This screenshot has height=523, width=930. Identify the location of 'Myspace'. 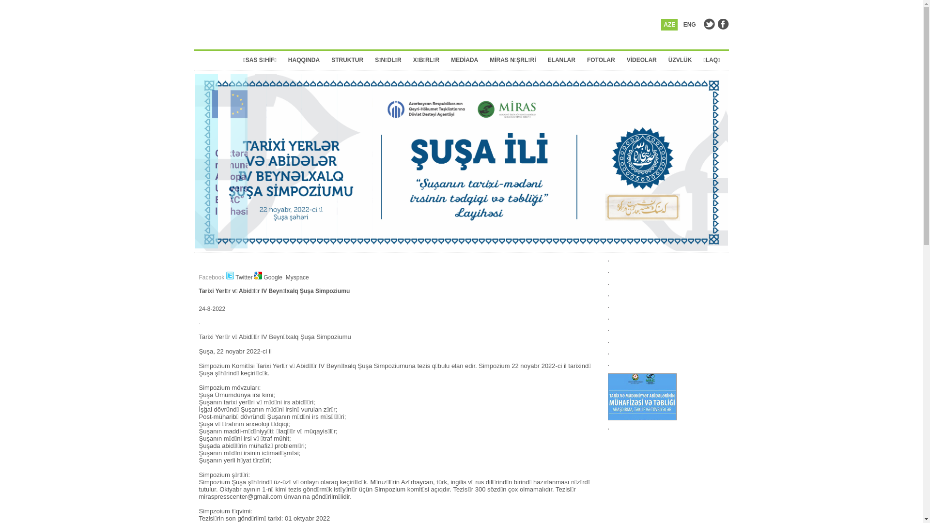
(295, 277).